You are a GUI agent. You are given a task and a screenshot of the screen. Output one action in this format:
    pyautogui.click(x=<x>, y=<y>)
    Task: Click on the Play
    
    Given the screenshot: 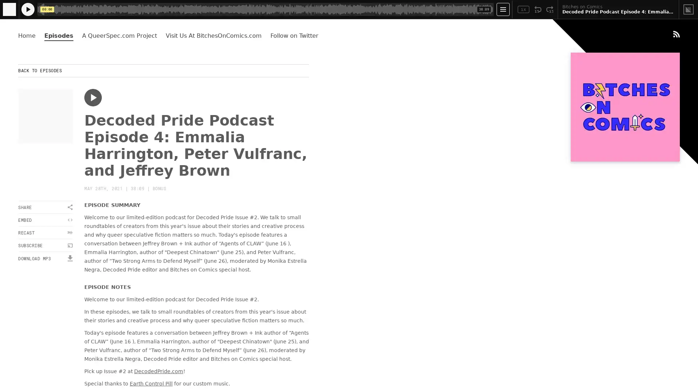 What is the action you would take?
    pyautogui.click(x=28, y=9)
    